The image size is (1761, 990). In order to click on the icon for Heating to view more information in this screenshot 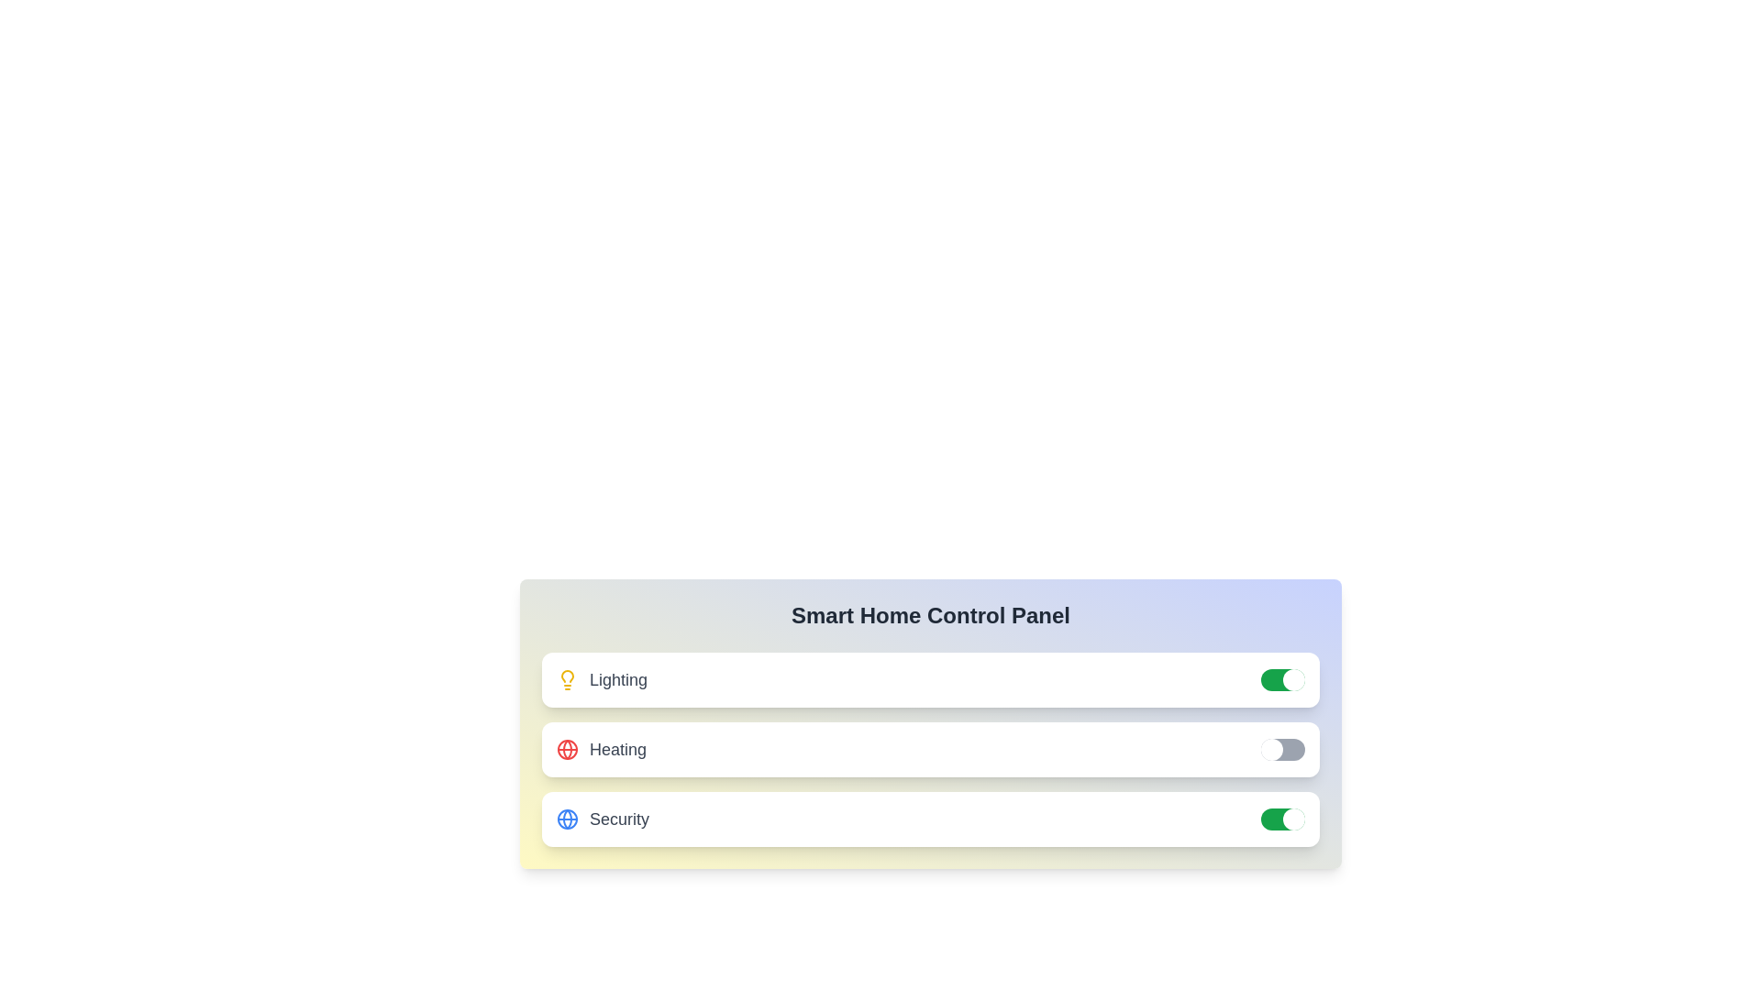, I will do `click(567, 749)`.